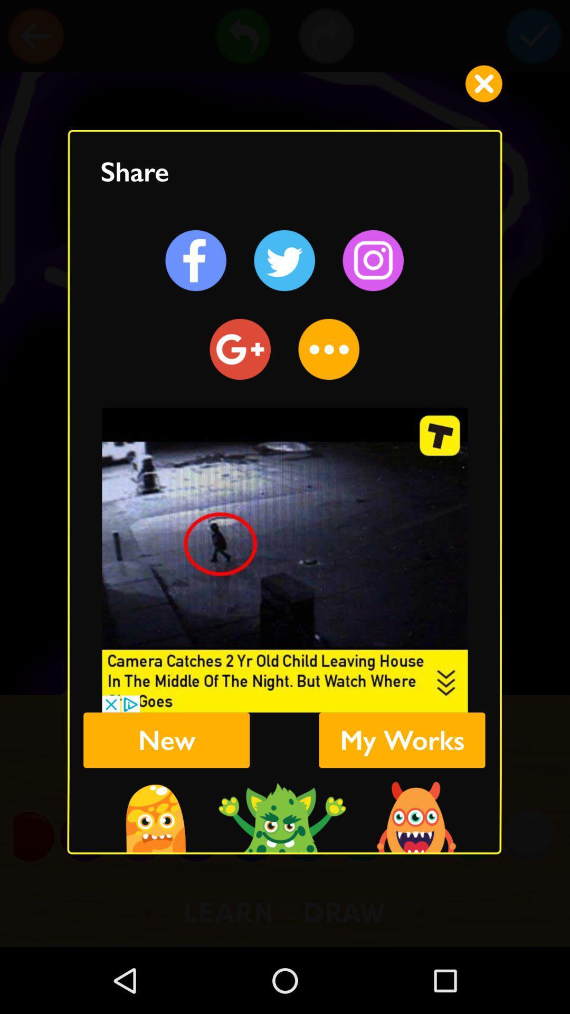  What do you see at coordinates (373, 260) in the screenshot?
I see `the photo icon` at bounding box center [373, 260].